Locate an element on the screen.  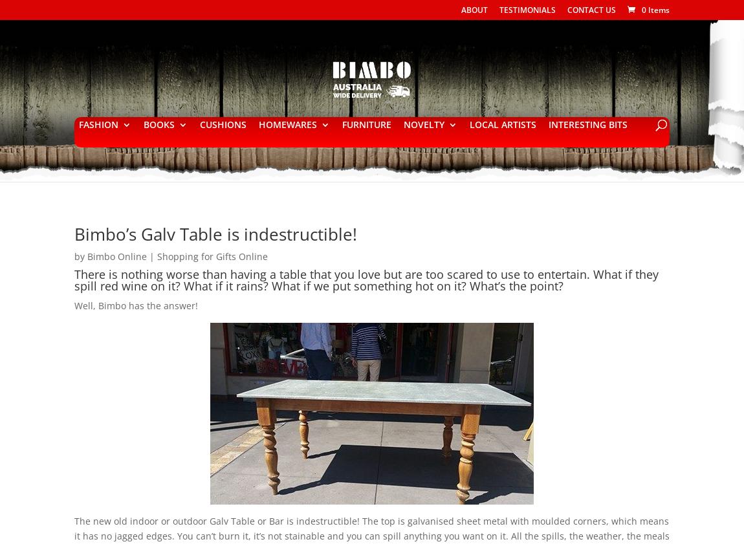
'LIGHTING' is located at coordinates (305, 226).